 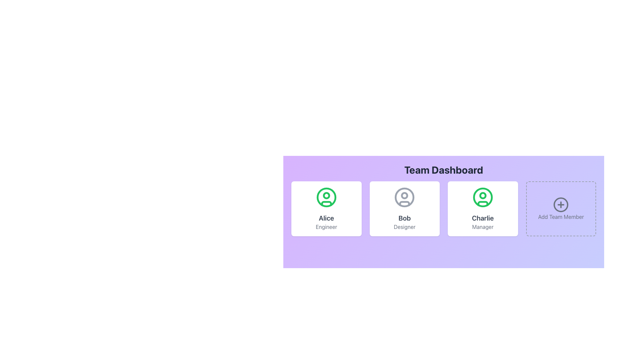 What do you see at coordinates (561, 204) in the screenshot?
I see `the 'Add Team Member' button located at the rightmost side of the team profiles row in the 'Team Dashboard'` at bounding box center [561, 204].